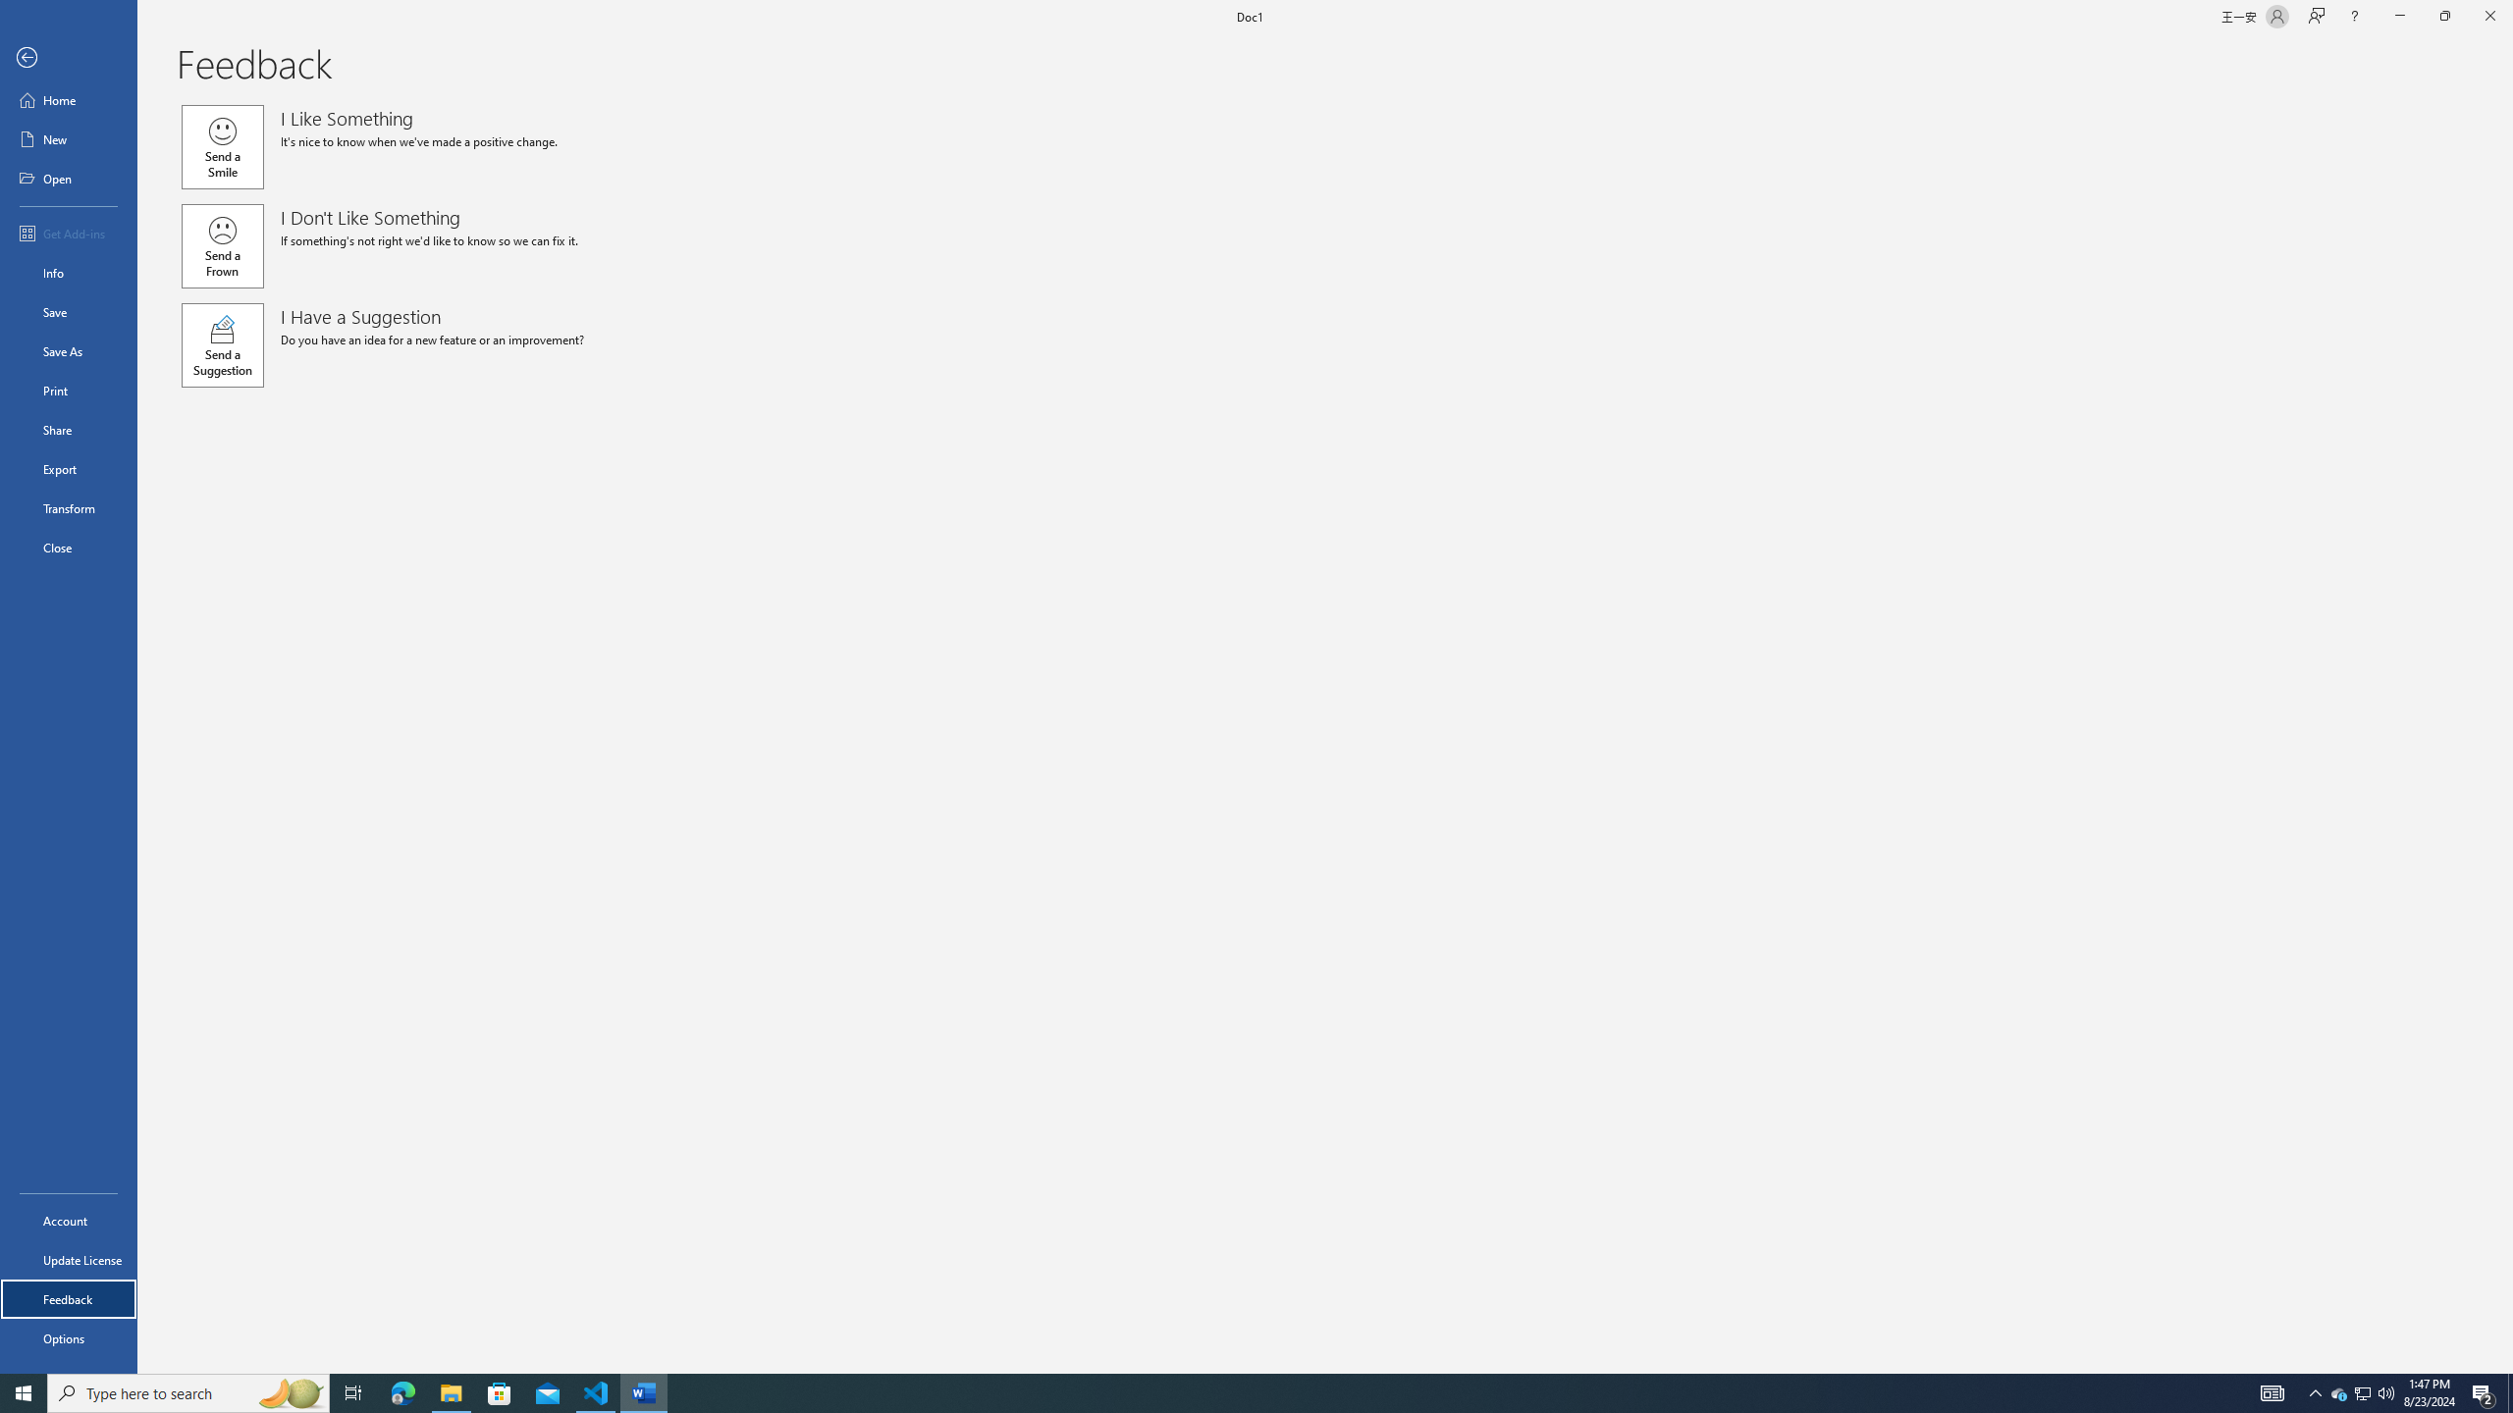 This screenshot has height=1413, width=2513. What do you see at coordinates (68, 390) in the screenshot?
I see `'Print'` at bounding box center [68, 390].